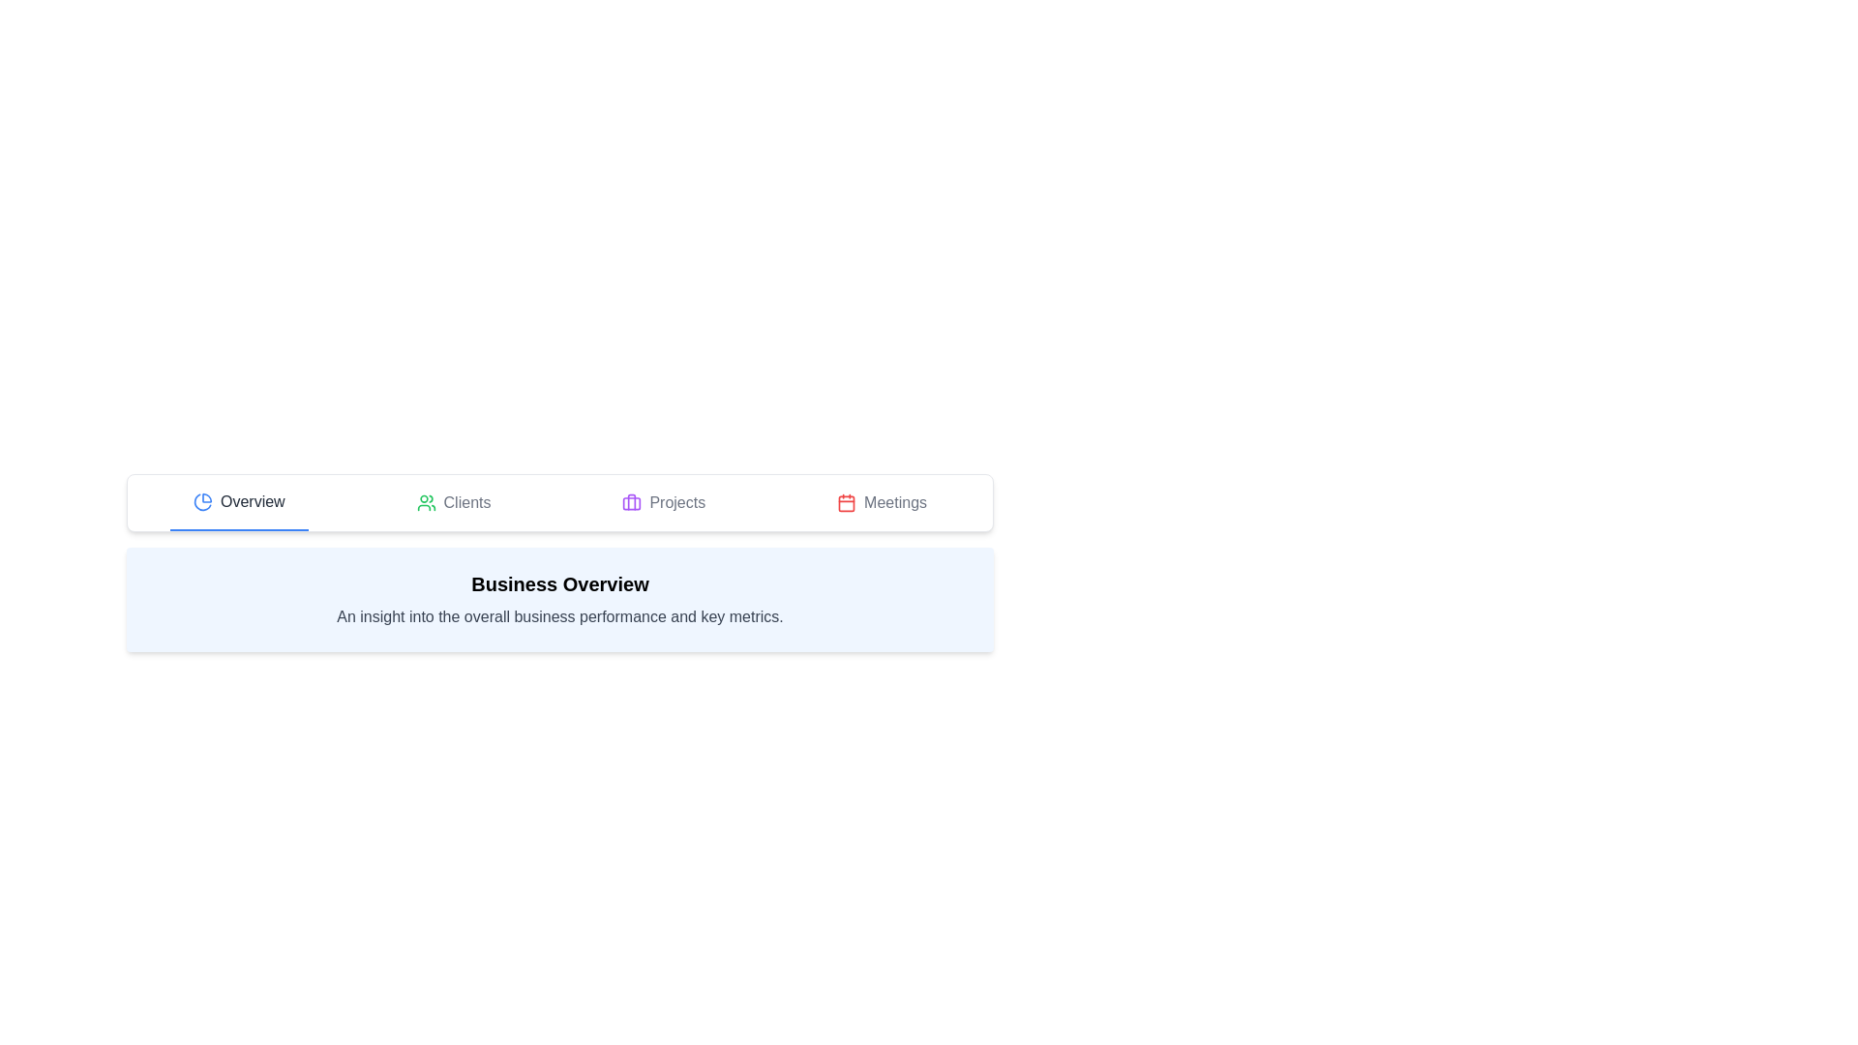  Describe the element at coordinates (559, 616) in the screenshot. I see `text snippet 'An insight into the overall business performance and key metrics.' which is positioned below the 'Business Overview' heading in a gray color within a blue-bordered box` at that location.